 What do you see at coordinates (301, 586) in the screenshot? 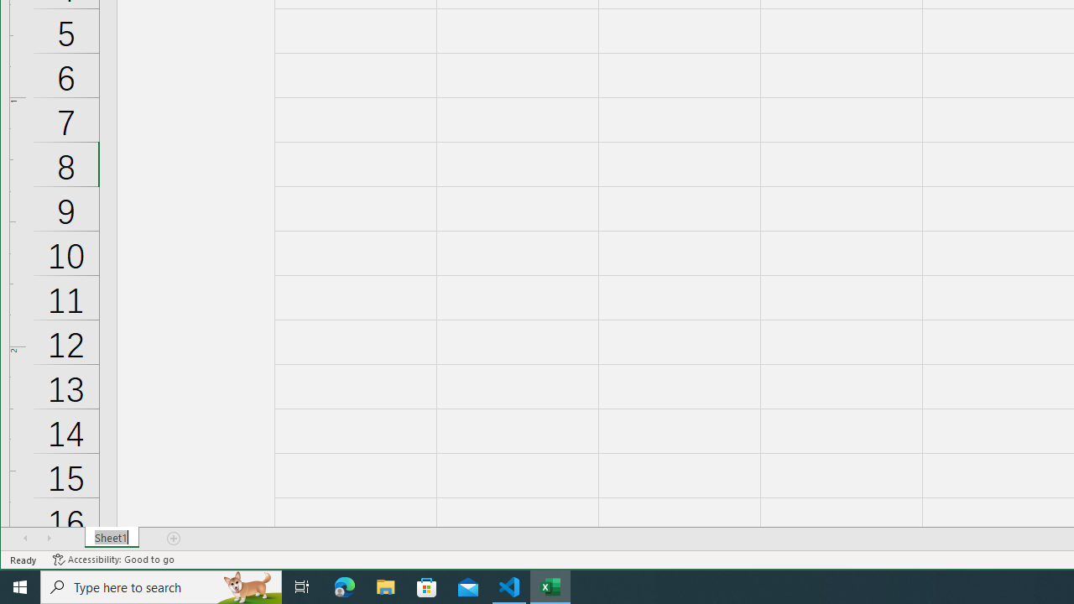
I see `'Task View'` at bounding box center [301, 586].